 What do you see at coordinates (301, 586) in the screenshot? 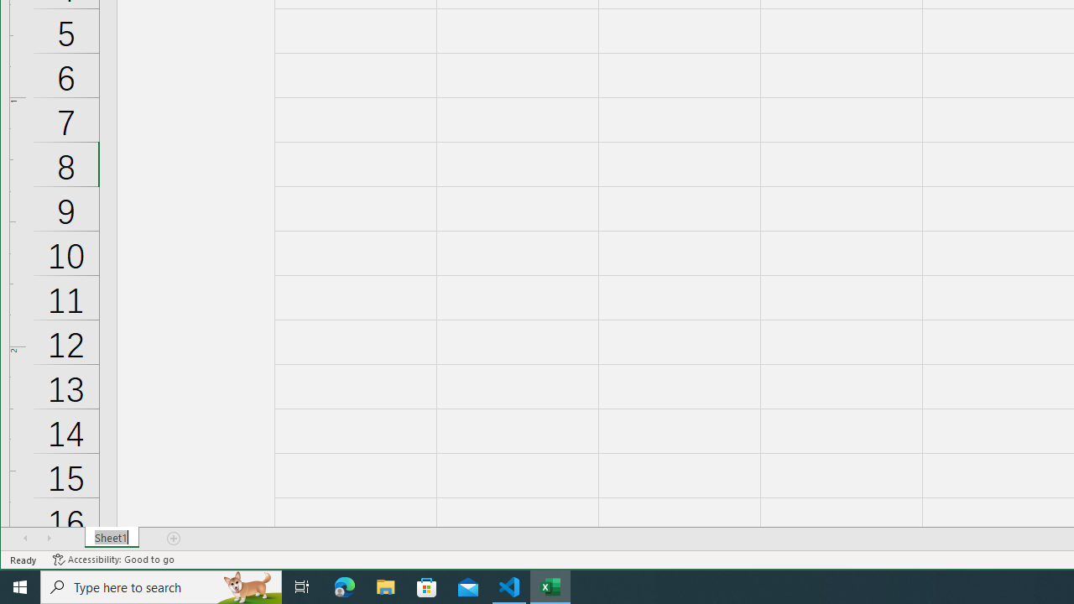
I see `'Task View'` at bounding box center [301, 586].